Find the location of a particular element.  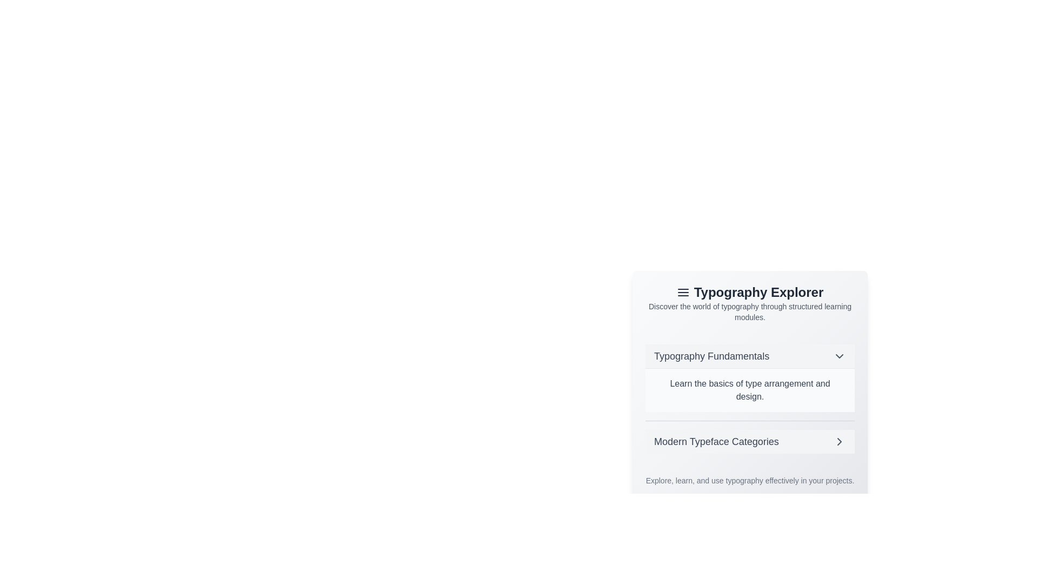

the chevron navigation icon located to the rightmost side of the 'Modern Typeface Categories' text is located at coordinates (839, 442).